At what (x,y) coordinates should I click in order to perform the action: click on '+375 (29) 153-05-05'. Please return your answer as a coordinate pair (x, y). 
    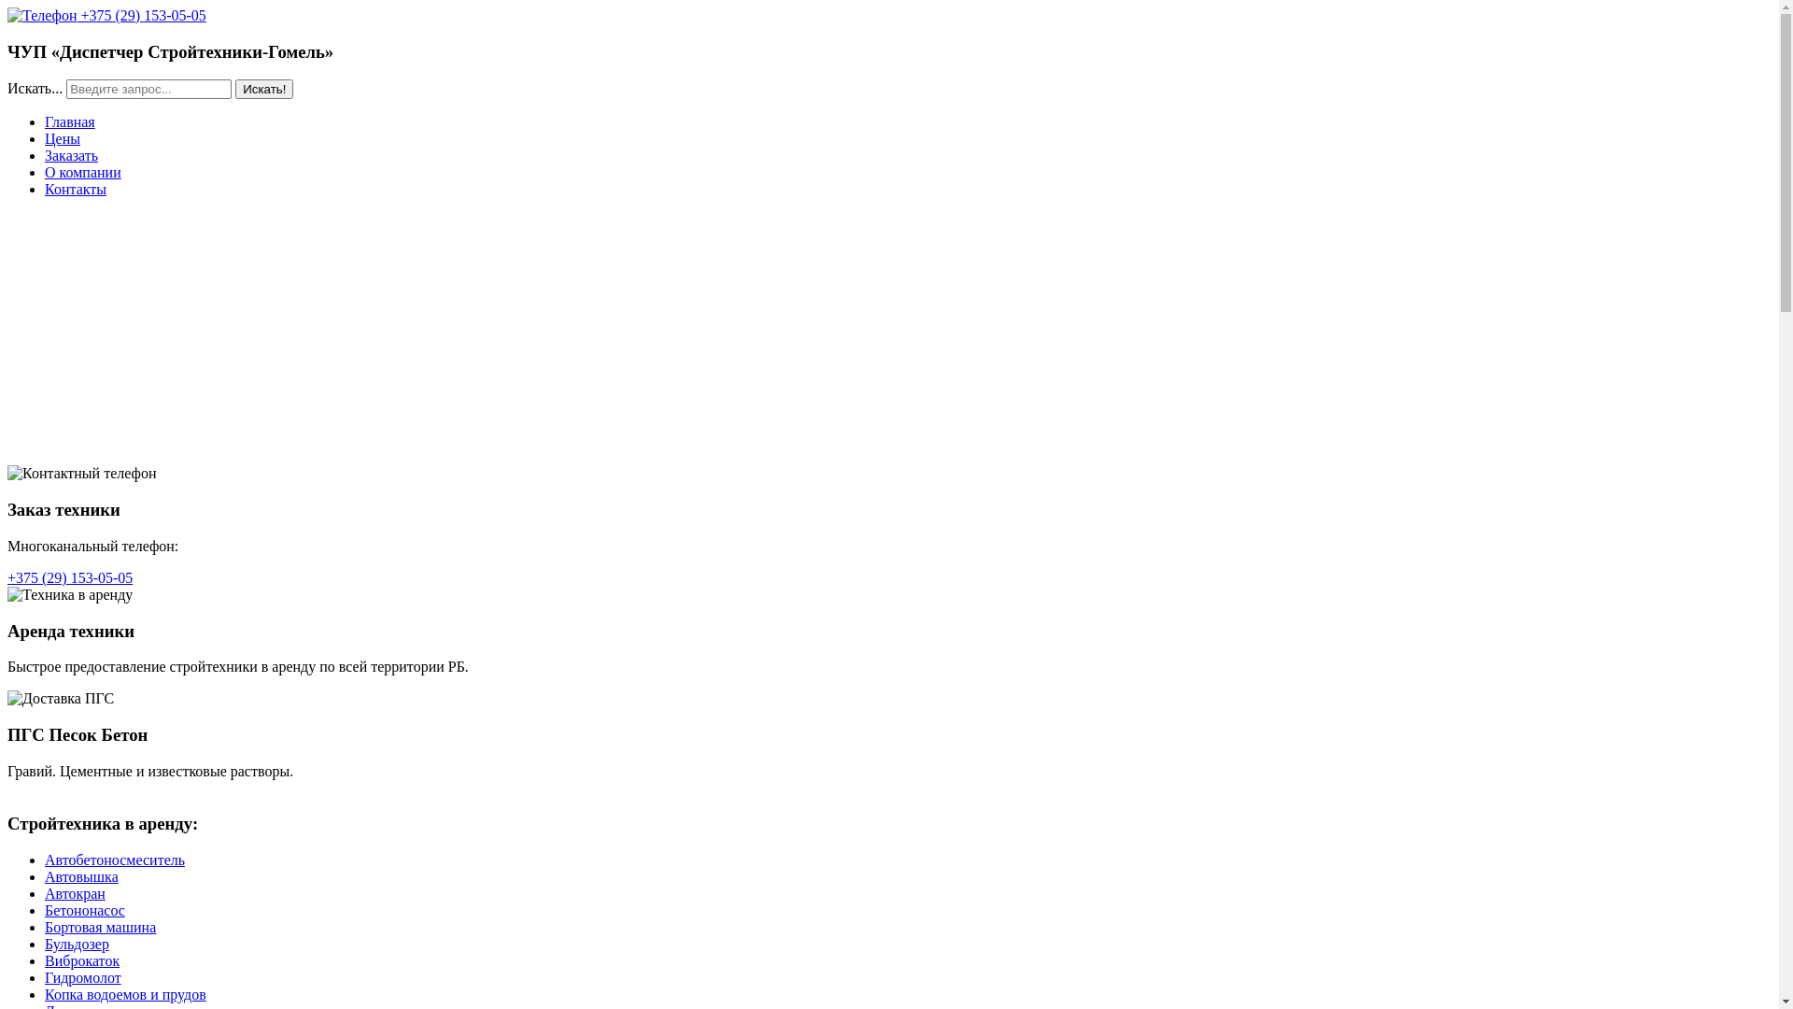
    Looking at the image, I should click on (106, 15).